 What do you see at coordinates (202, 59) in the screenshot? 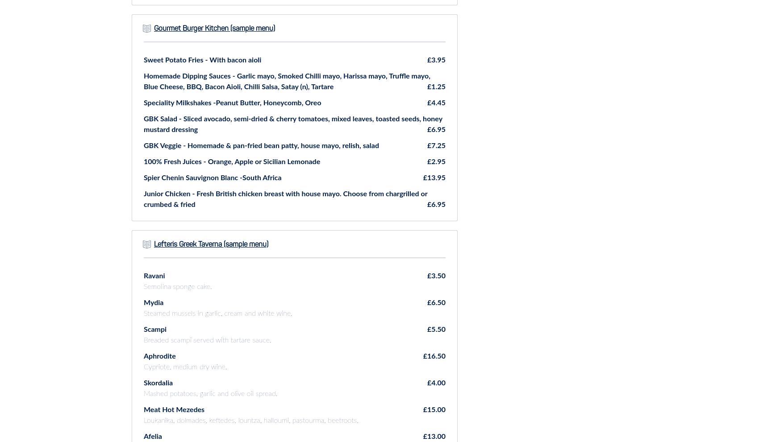
I see `'Sweet Potato Fries - With bacon aioli'` at bounding box center [202, 59].